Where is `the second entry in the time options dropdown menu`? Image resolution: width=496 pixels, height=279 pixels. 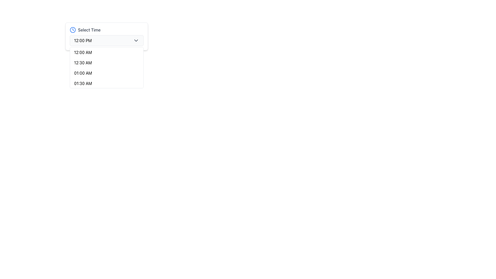 the second entry in the time options dropdown menu is located at coordinates (106, 63).